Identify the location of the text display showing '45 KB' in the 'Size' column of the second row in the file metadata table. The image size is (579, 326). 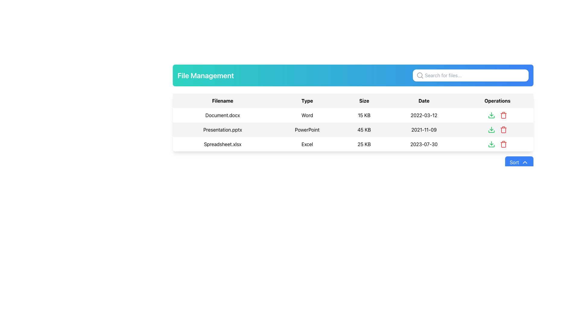
(364, 129).